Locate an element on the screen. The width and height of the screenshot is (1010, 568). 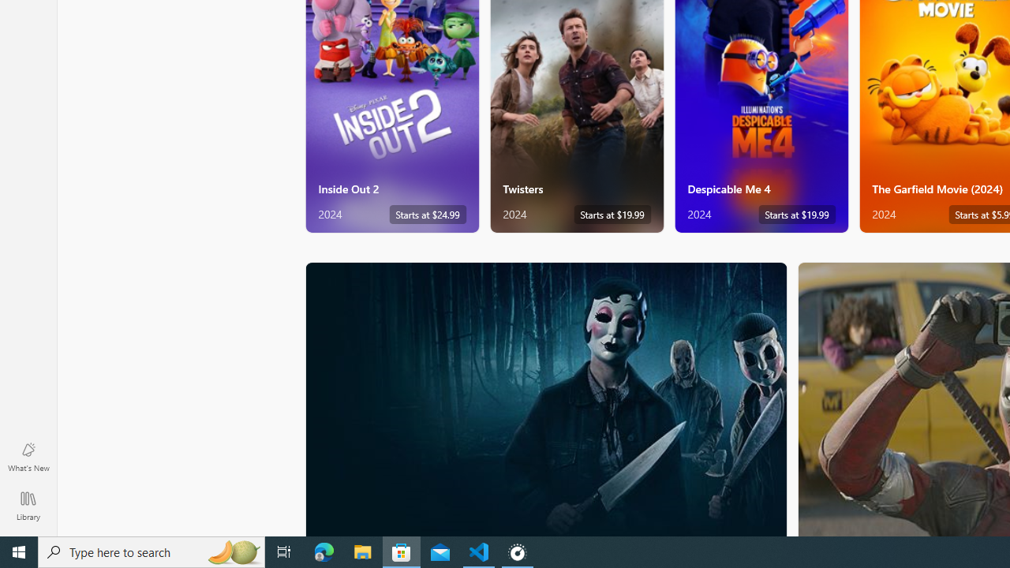
'Horror' is located at coordinates (546, 398).